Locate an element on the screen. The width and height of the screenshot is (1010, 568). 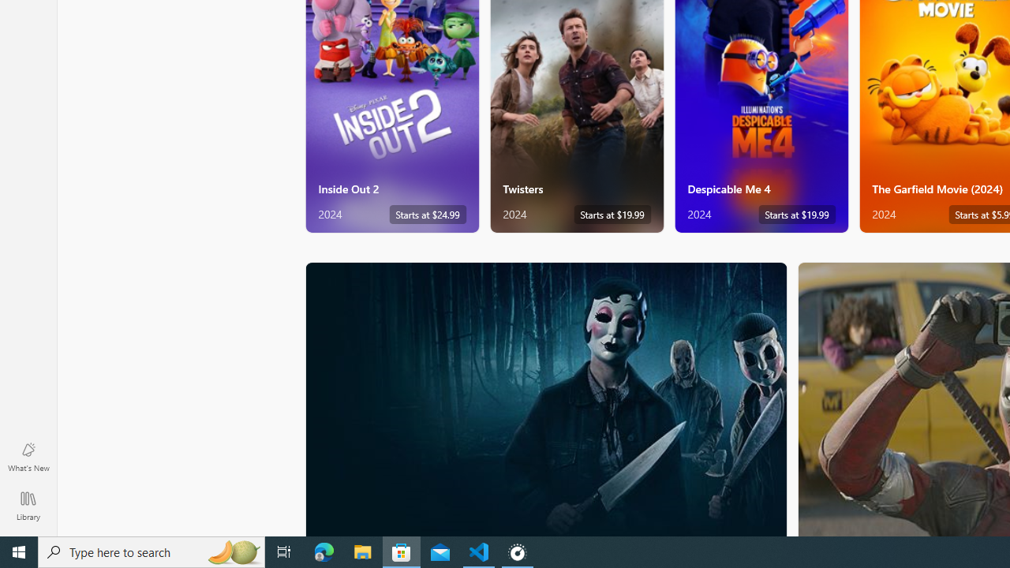
'Horror' is located at coordinates (546, 398).